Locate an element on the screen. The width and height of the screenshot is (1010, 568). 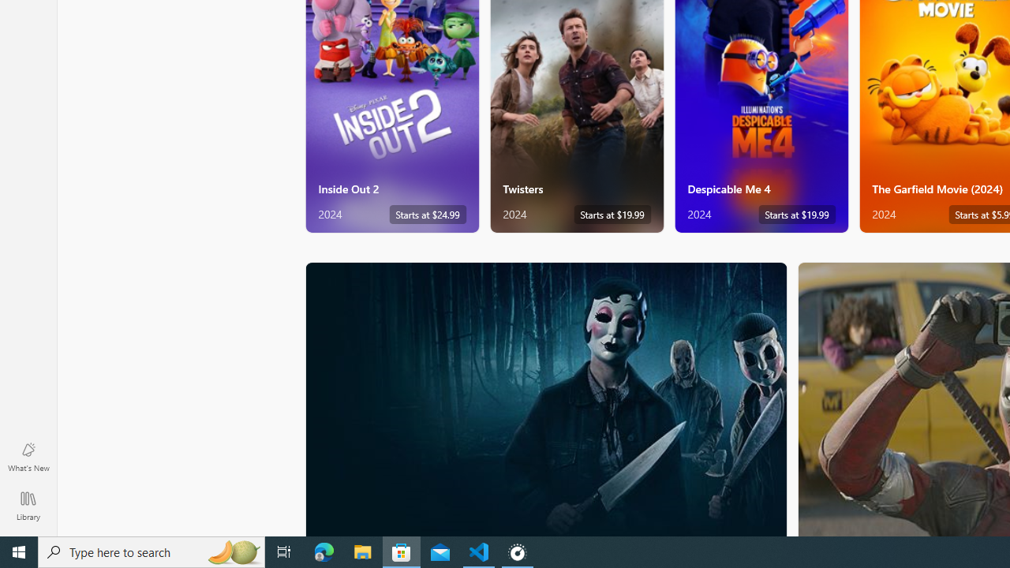
'Horror' is located at coordinates (546, 398).